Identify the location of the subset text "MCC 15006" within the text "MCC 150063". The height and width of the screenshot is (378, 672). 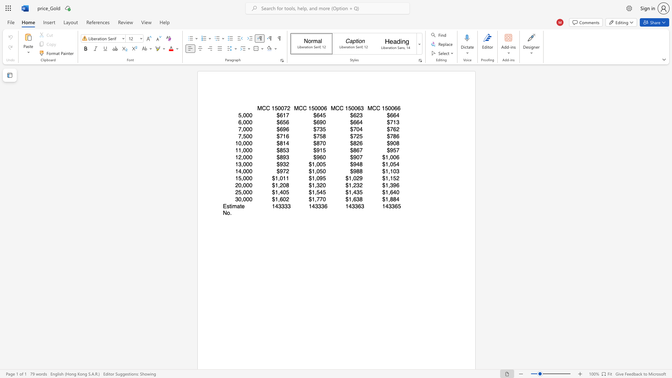
(330, 108).